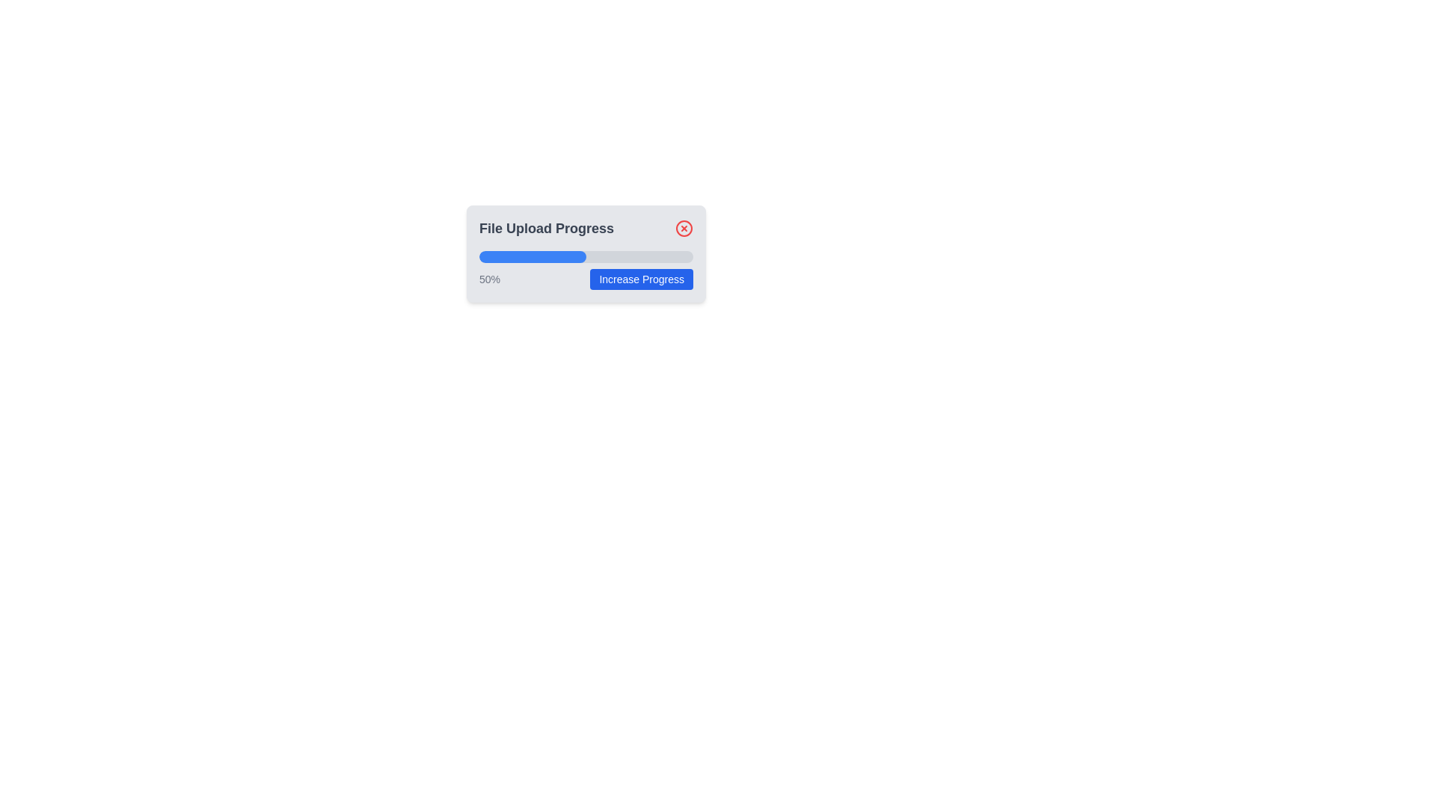 The width and height of the screenshot is (1436, 807). Describe the element at coordinates (533, 256) in the screenshot. I see `the progress bar indicating 50% completion of the file upload progress, located in the middle of the card interface under the text 'File Upload Progress'` at that location.